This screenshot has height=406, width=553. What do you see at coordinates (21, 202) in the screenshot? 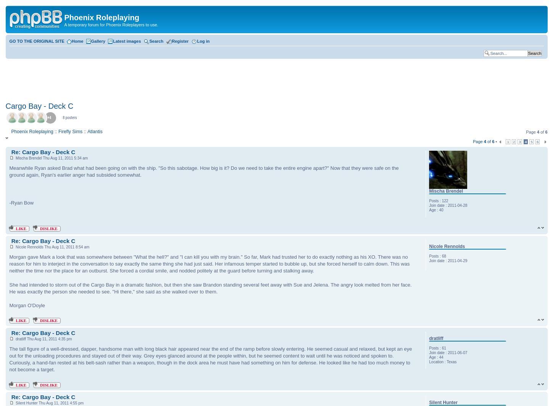
I see `'-Ryan Bow'` at bounding box center [21, 202].